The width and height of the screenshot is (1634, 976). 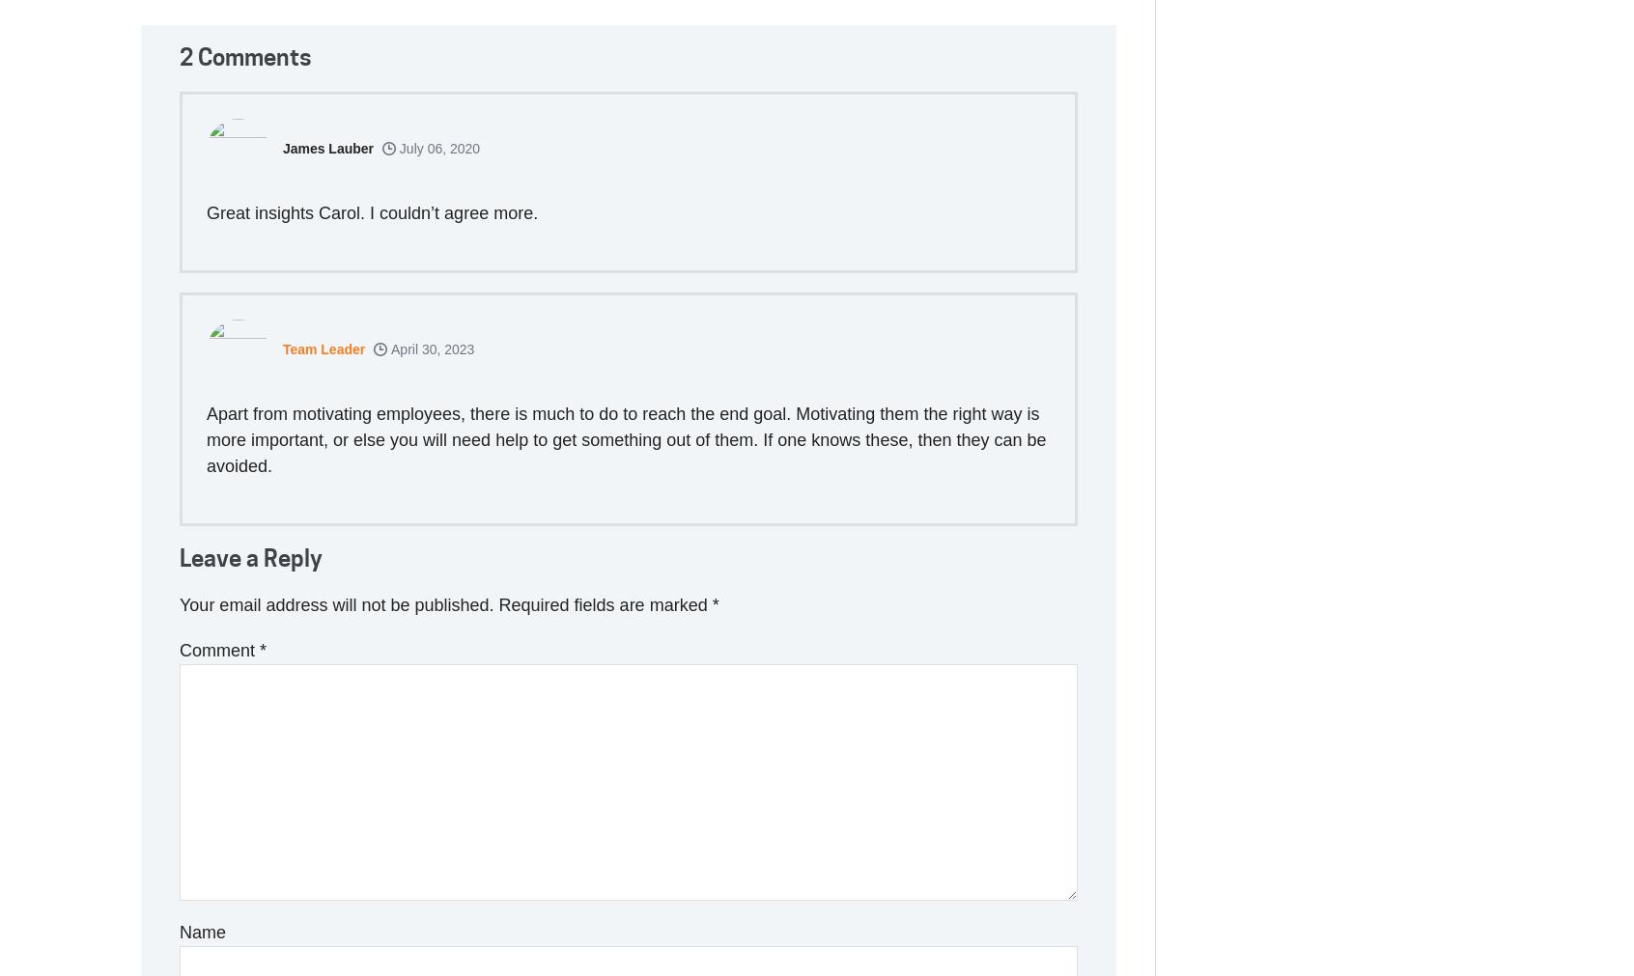 What do you see at coordinates (604, 604) in the screenshot?
I see `'Required fields are marked'` at bounding box center [604, 604].